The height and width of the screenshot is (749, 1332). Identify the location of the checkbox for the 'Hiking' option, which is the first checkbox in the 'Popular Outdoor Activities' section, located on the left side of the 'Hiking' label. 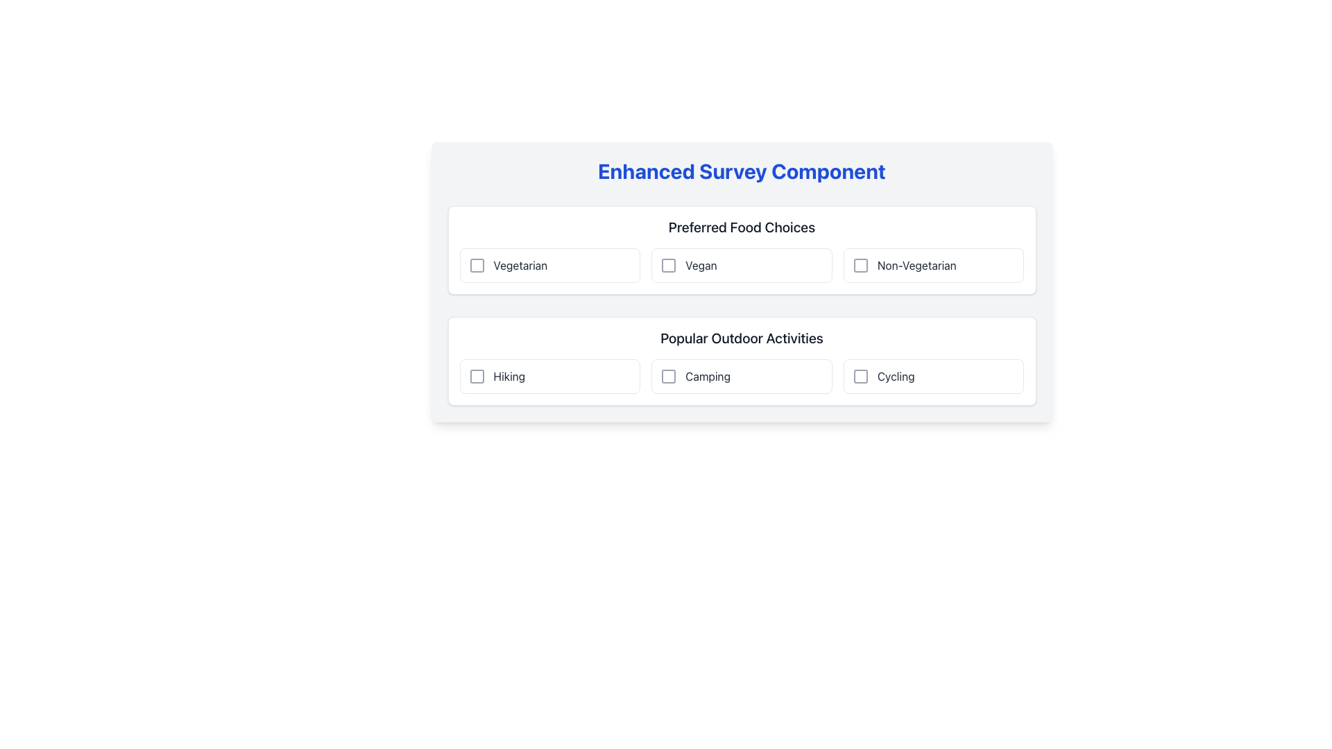
(477, 377).